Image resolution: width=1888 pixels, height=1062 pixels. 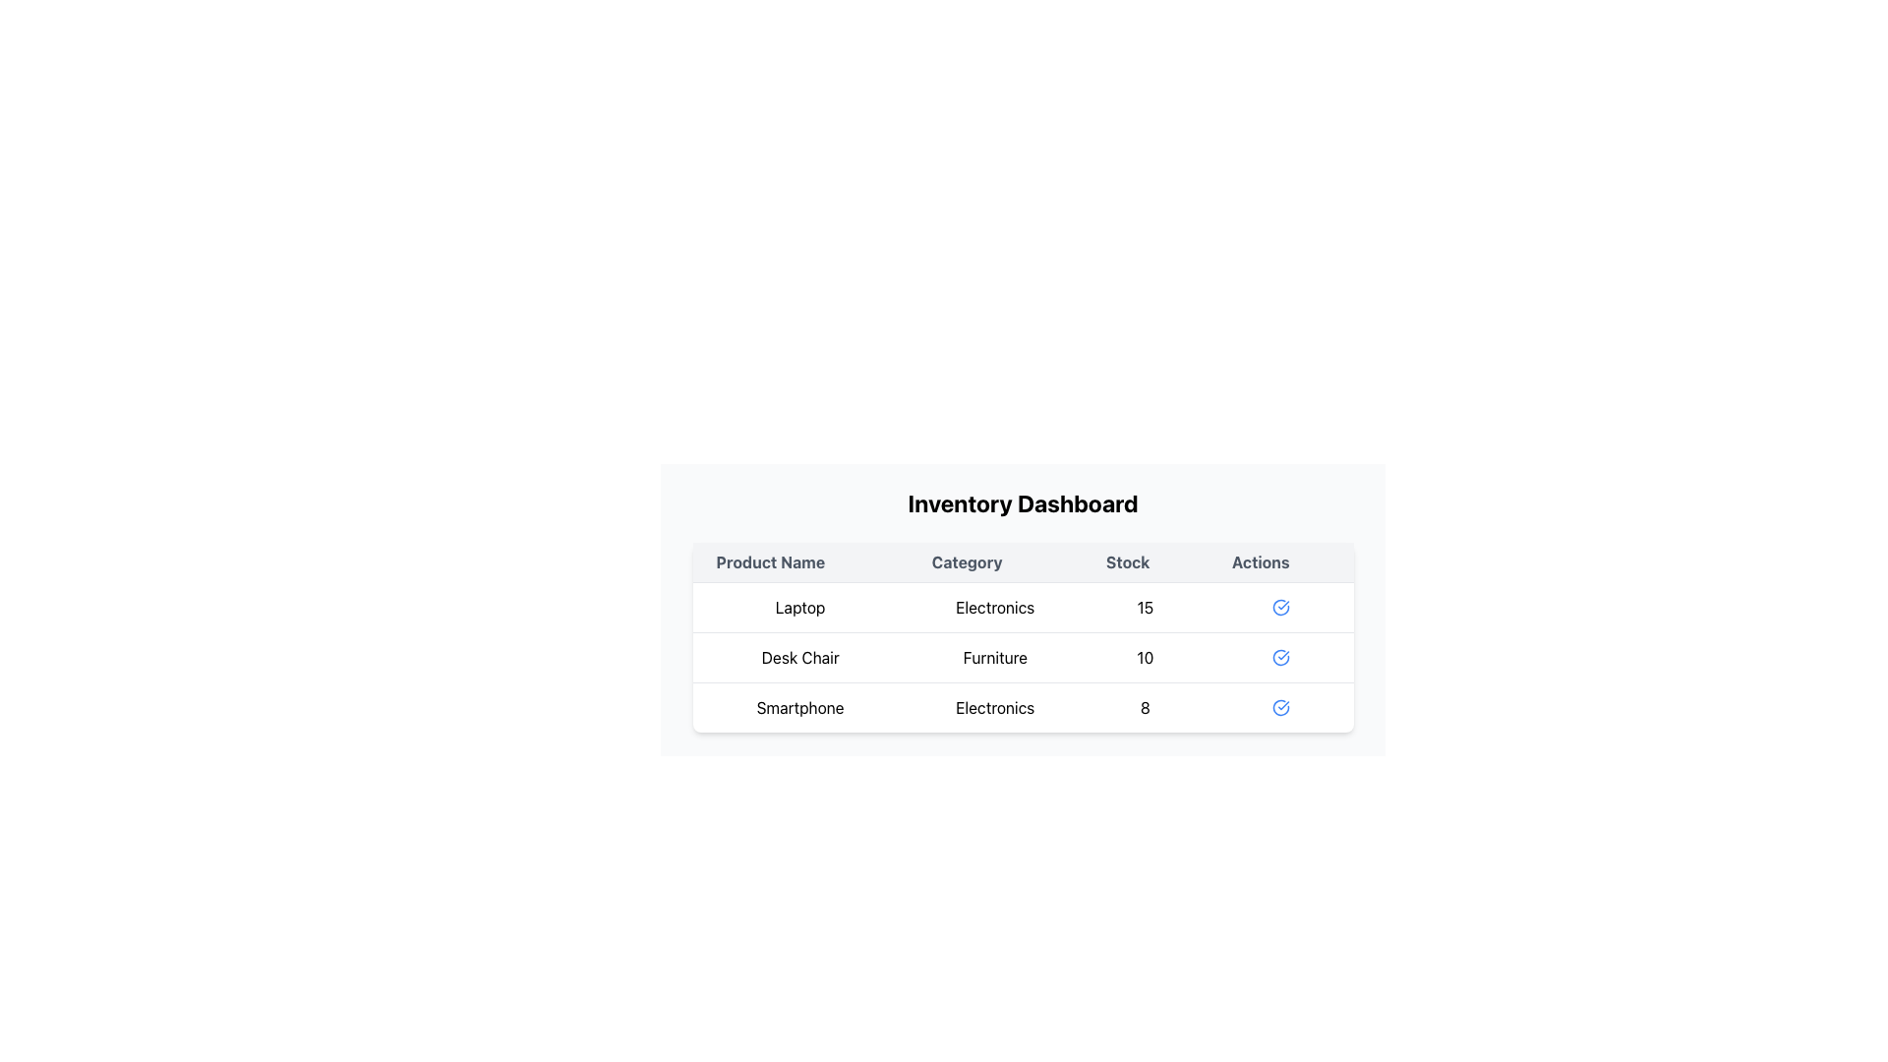 What do you see at coordinates (800, 706) in the screenshot?
I see `the 'Smartphone' text label located in the first column of the third row under the 'Product Name' column in the 'Inventory Dashboard' table` at bounding box center [800, 706].